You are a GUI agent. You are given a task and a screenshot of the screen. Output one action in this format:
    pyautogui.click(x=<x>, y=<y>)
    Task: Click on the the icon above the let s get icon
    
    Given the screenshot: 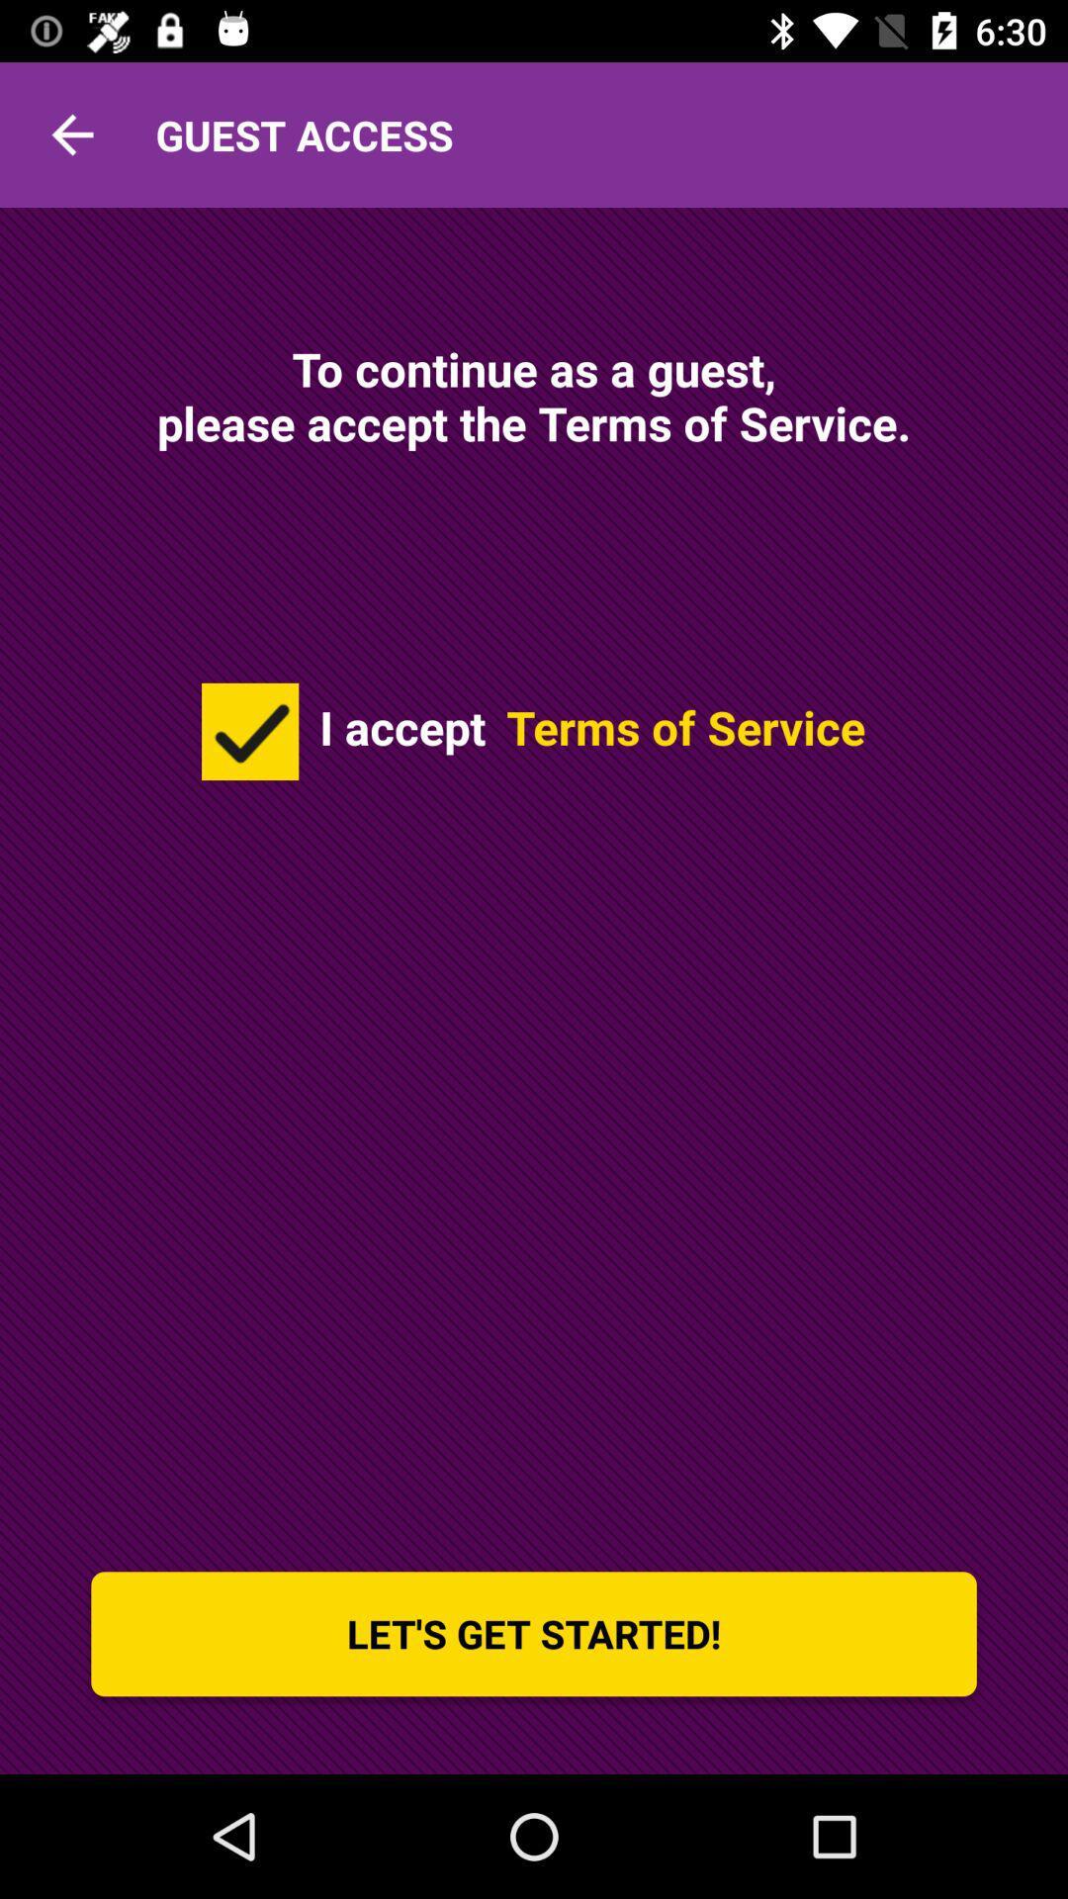 What is the action you would take?
    pyautogui.click(x=249, y=730)
    